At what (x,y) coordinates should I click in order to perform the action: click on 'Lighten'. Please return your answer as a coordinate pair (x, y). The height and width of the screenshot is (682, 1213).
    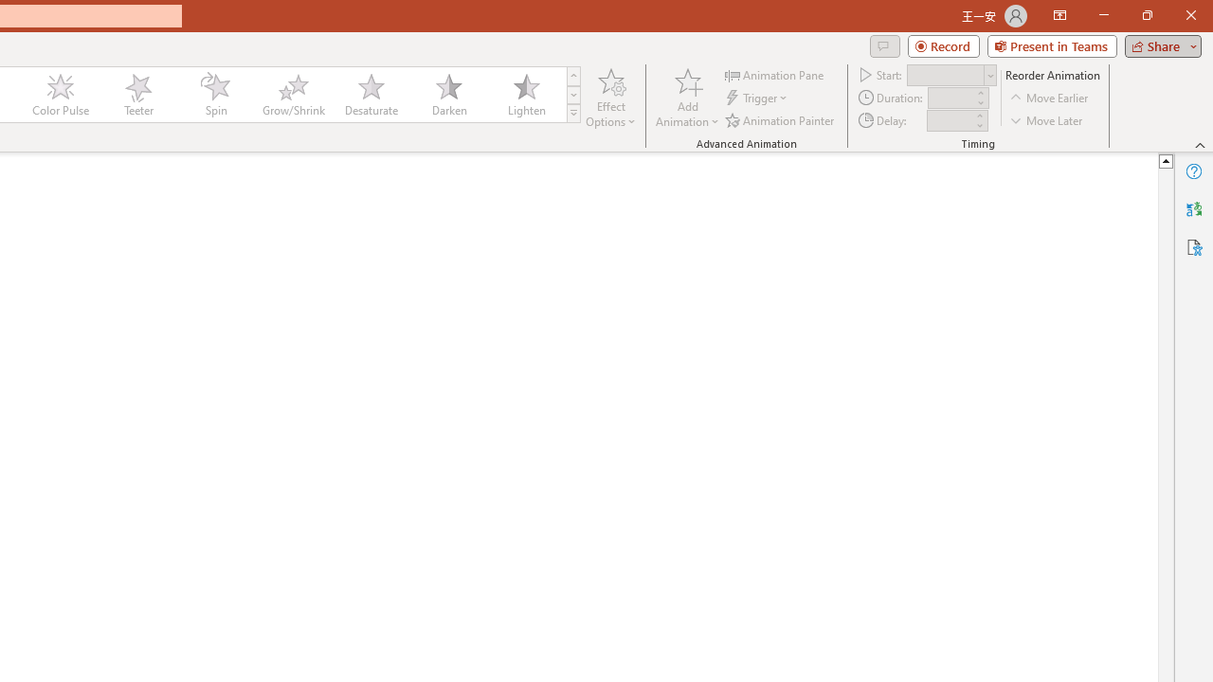
    Looking at the image, I should click on (526, 95).